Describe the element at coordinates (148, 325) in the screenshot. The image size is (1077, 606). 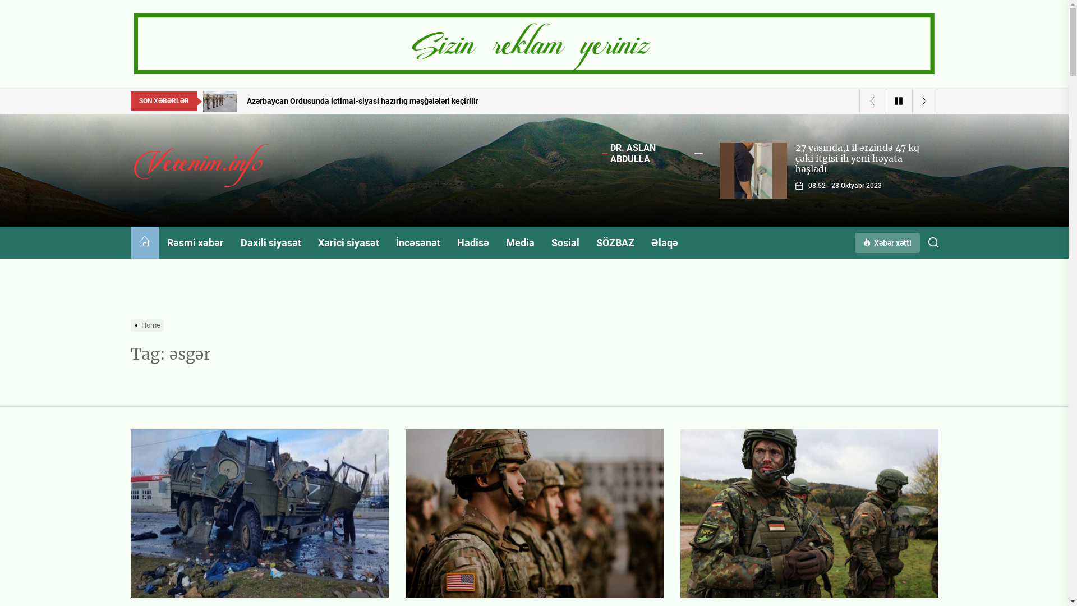
I see `'Home'` at that location.